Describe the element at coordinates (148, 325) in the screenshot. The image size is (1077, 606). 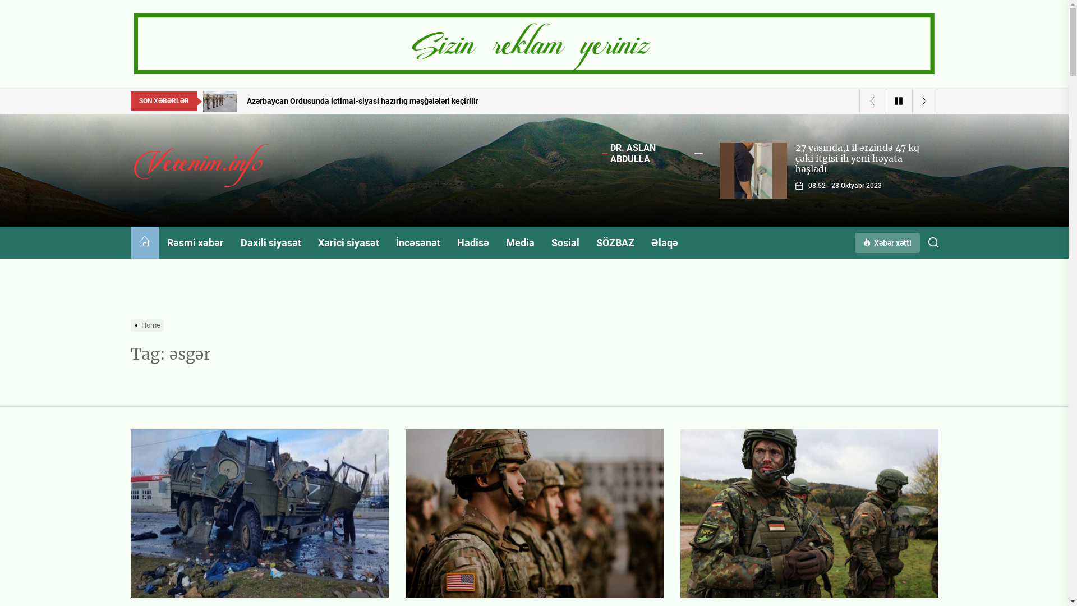
I see `'Home'` at that location.